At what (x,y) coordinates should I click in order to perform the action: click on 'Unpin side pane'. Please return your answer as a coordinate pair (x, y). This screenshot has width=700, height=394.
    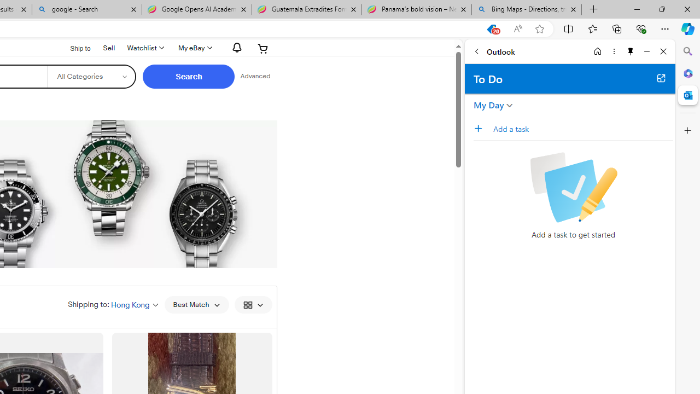
    Looking at the image, I should click on (631, 51).